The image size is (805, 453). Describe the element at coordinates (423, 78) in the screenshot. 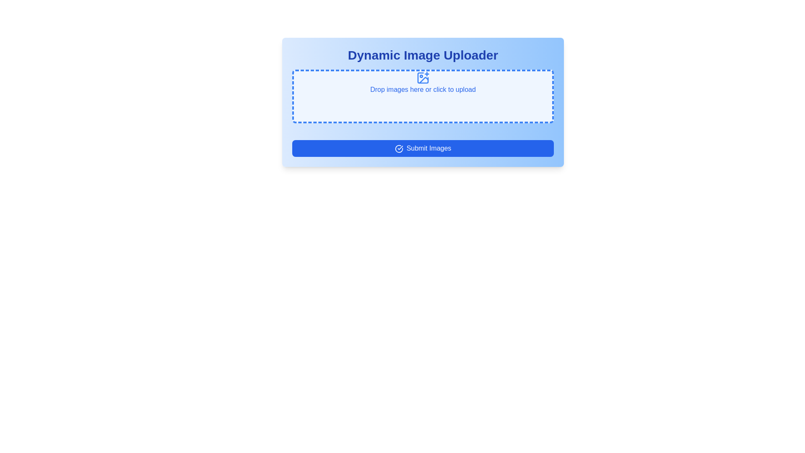

I see `the upload icon located centrally above the 'Drop images here or click to upload' text in the file upload section` at that location.